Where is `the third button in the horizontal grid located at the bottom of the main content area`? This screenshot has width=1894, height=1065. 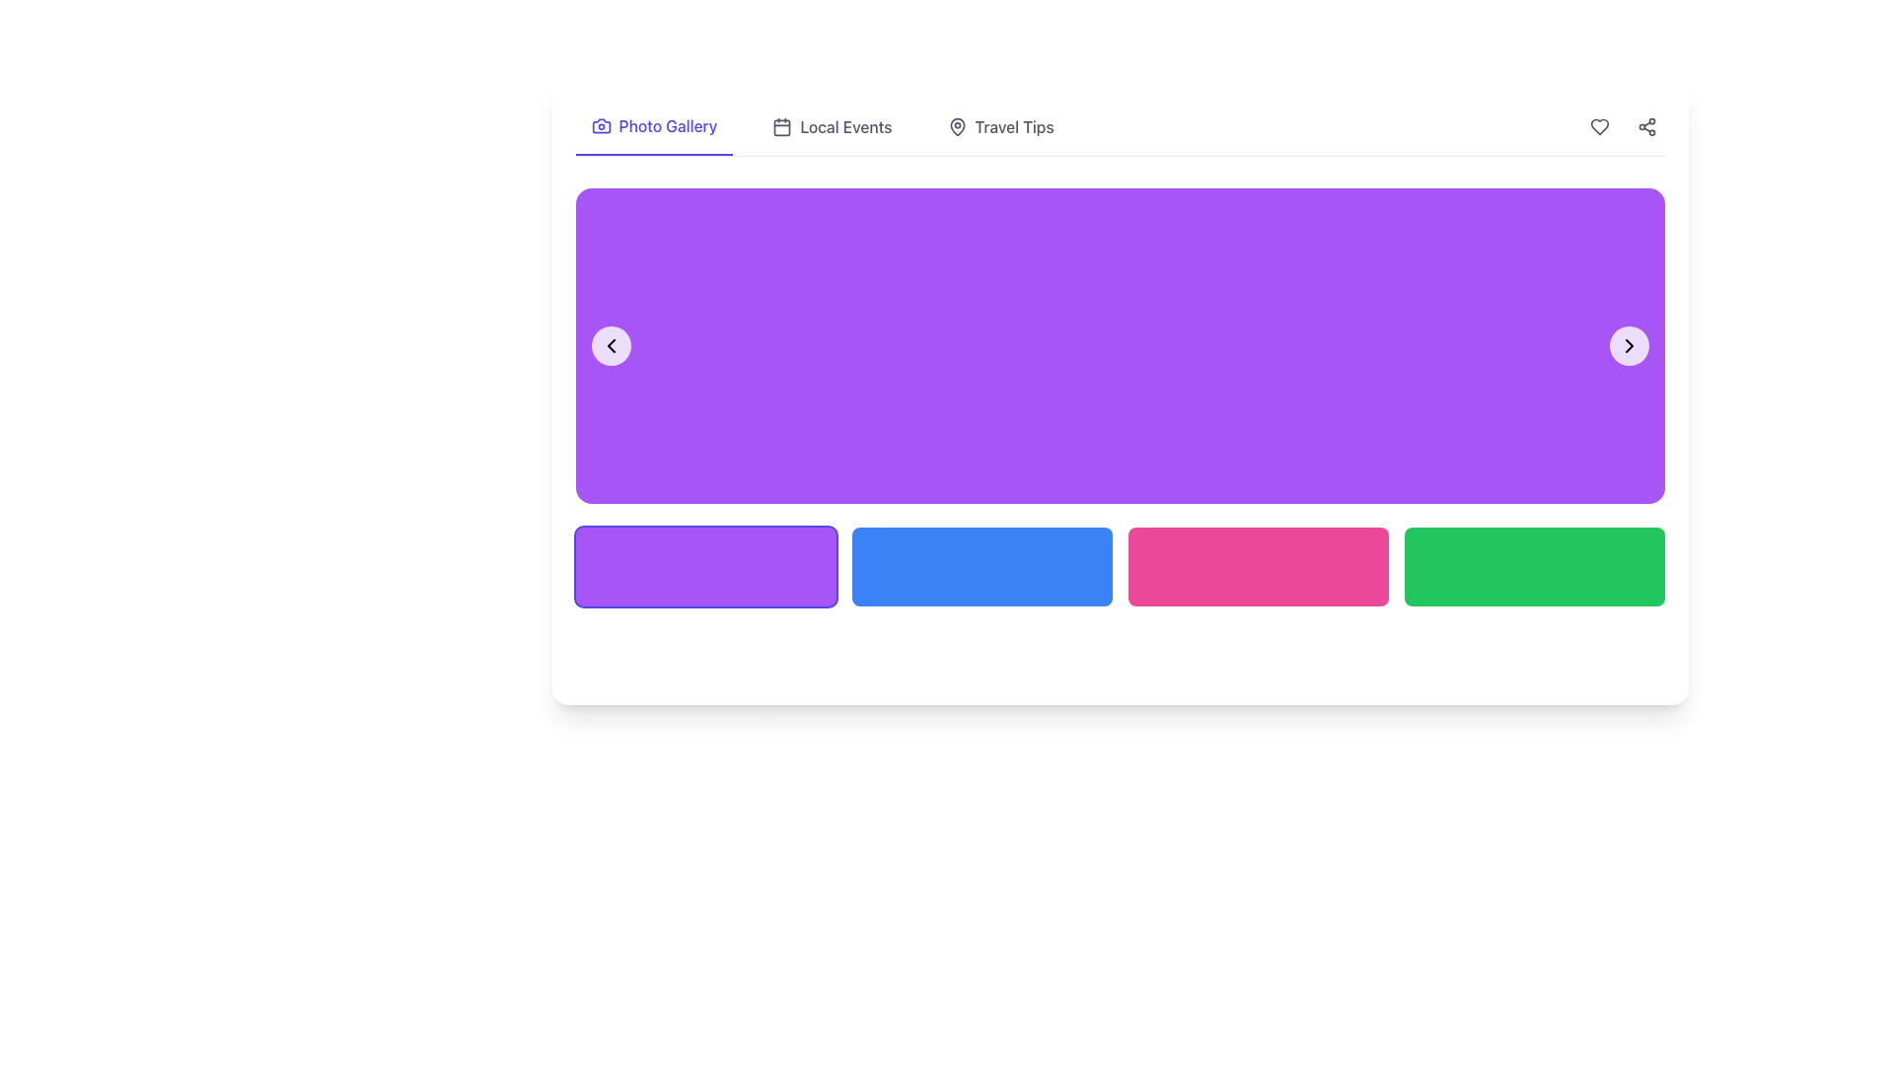
the third button in the horizontal grid located at the bottom of the main content area is located at coordinates (1257, 566).